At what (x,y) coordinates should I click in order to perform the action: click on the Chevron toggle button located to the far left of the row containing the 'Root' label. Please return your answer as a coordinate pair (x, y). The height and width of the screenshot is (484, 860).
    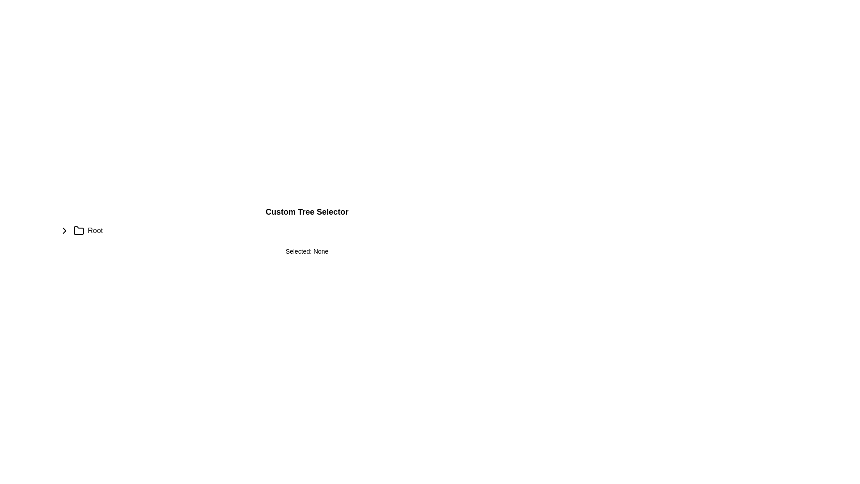
    Looking at the image, I should click on (64, 230).